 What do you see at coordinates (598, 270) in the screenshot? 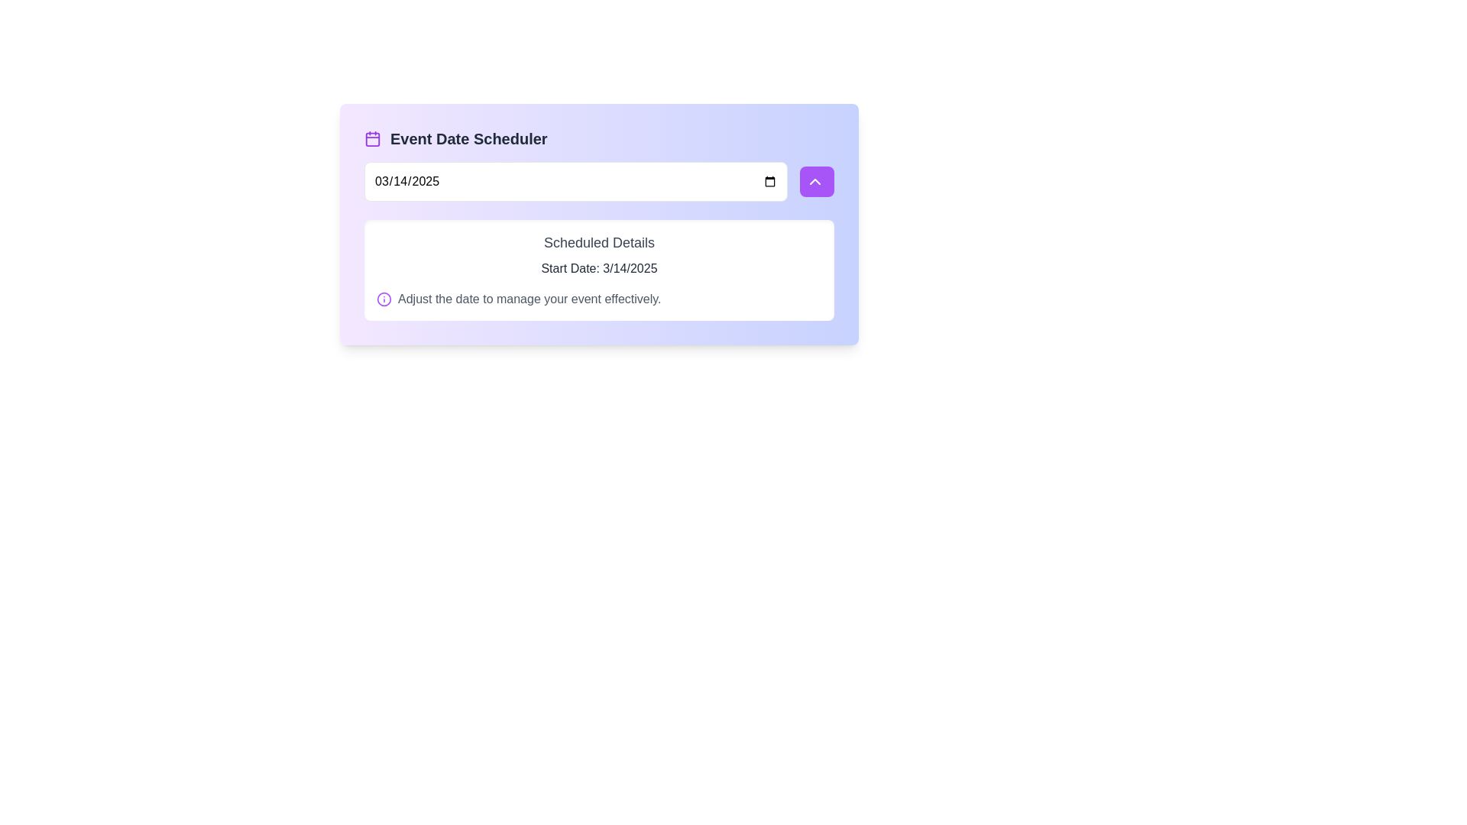
I see `the informational text box that displays event scheduling details, located centrally within the card layout, below the date input field` at bounding box center [598, 270].